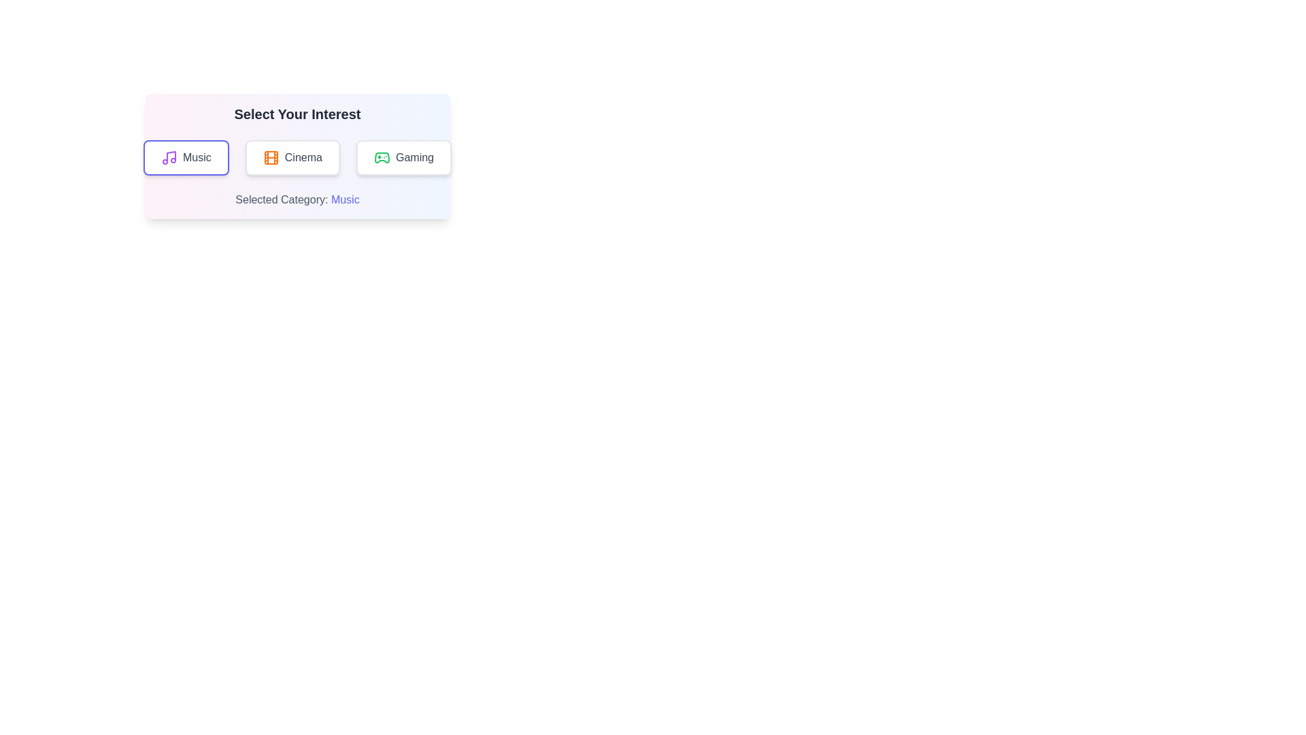  Describe the element at coordinates (292, 157) in the screenshot. I see `the 'Cinema' button to select the Cinema category` at that location.